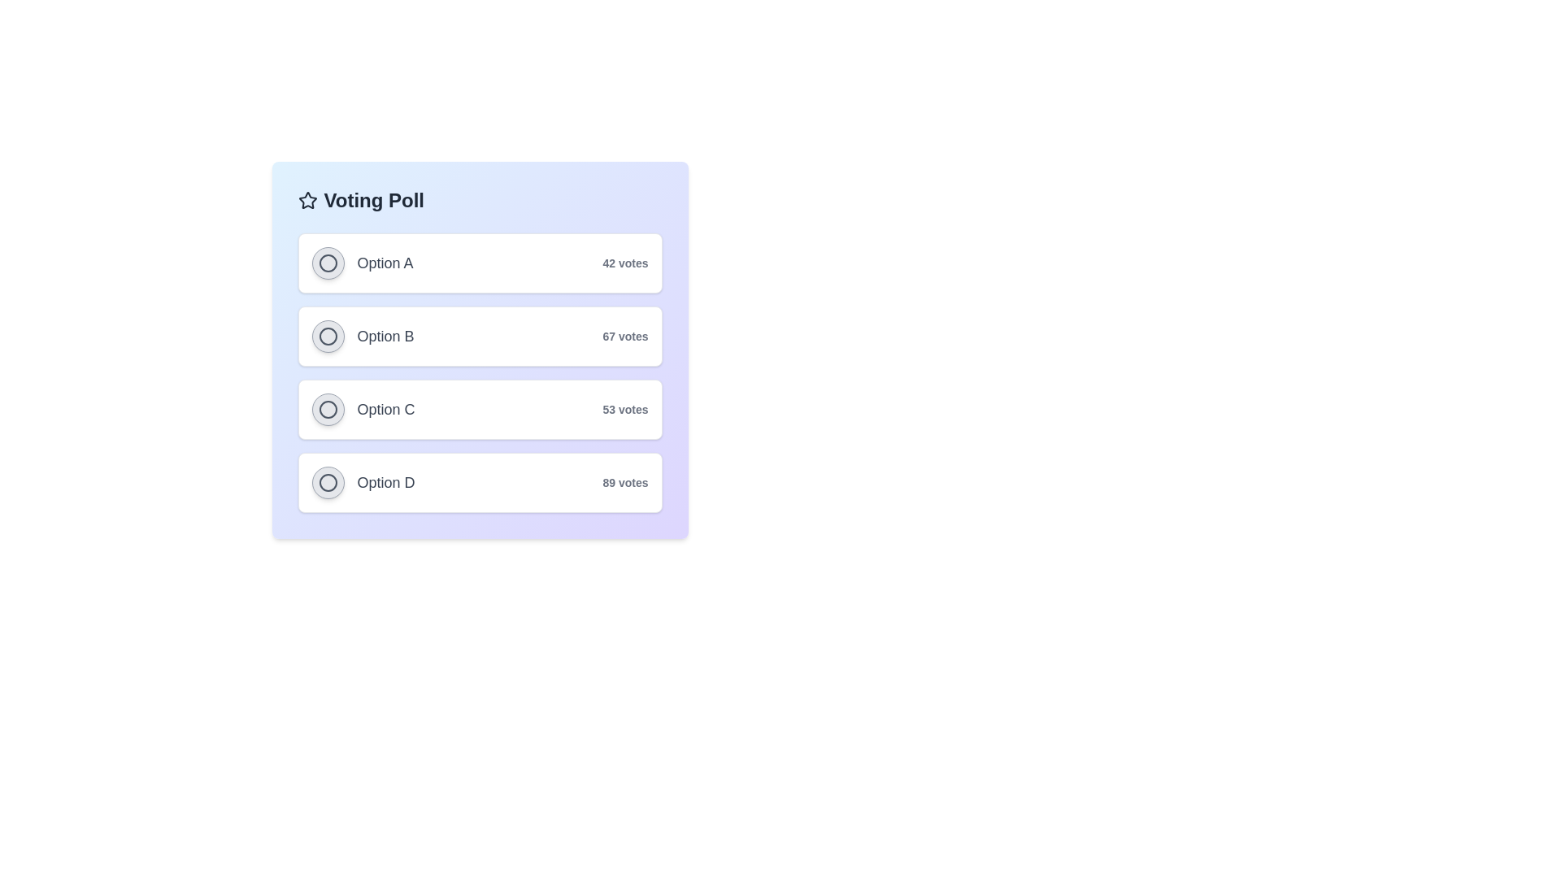  Describe the element at coordinates (327, 482) in the screenshot. I see `the radio button indicator for the voting option located to the left of 'Option D' in the fourth row of the voting options list` at that location.